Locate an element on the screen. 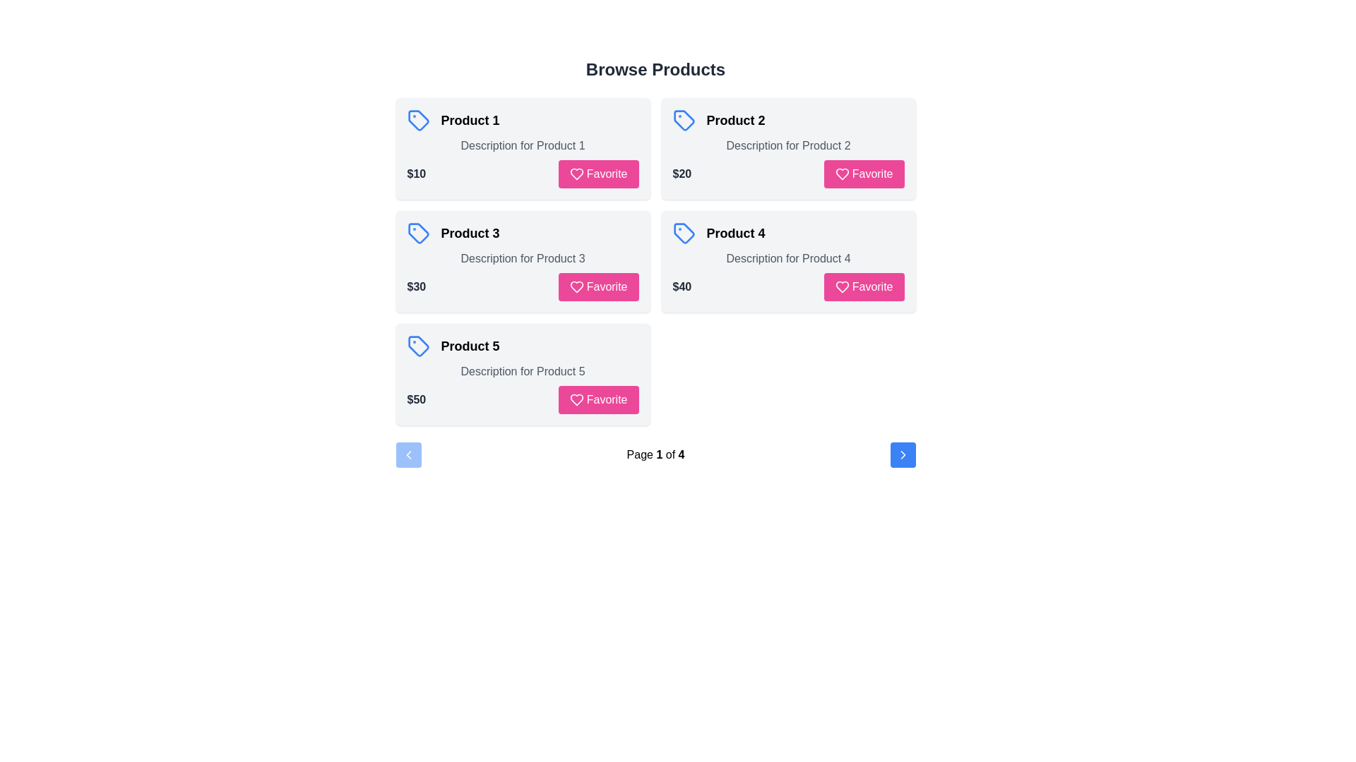  the product title label located at the center of the lower left tile is located at coordinates (470, 346).